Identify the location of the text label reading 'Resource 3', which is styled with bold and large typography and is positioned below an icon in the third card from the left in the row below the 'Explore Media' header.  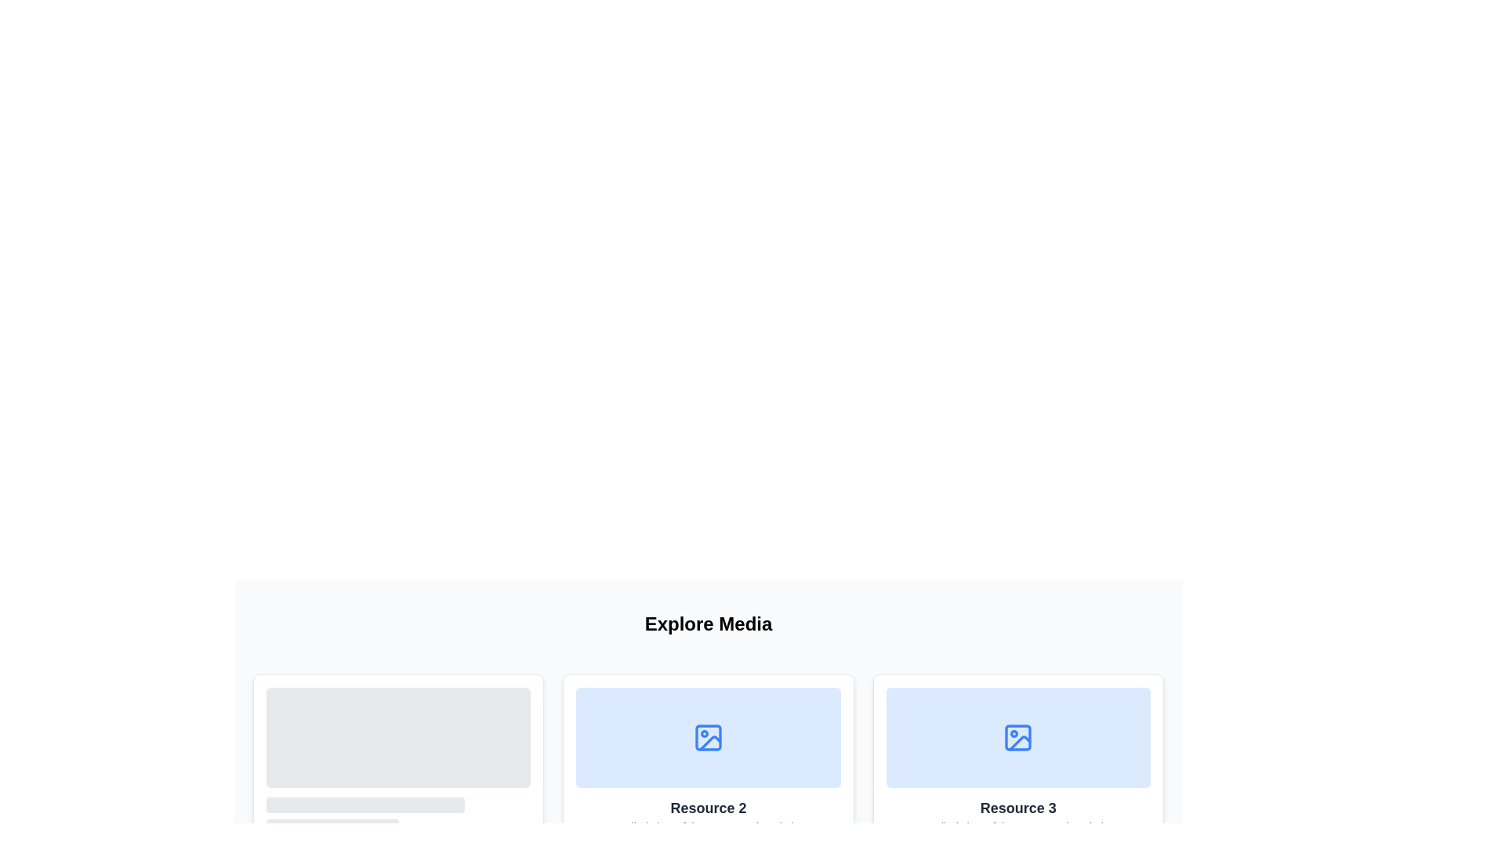
(1018, 808).